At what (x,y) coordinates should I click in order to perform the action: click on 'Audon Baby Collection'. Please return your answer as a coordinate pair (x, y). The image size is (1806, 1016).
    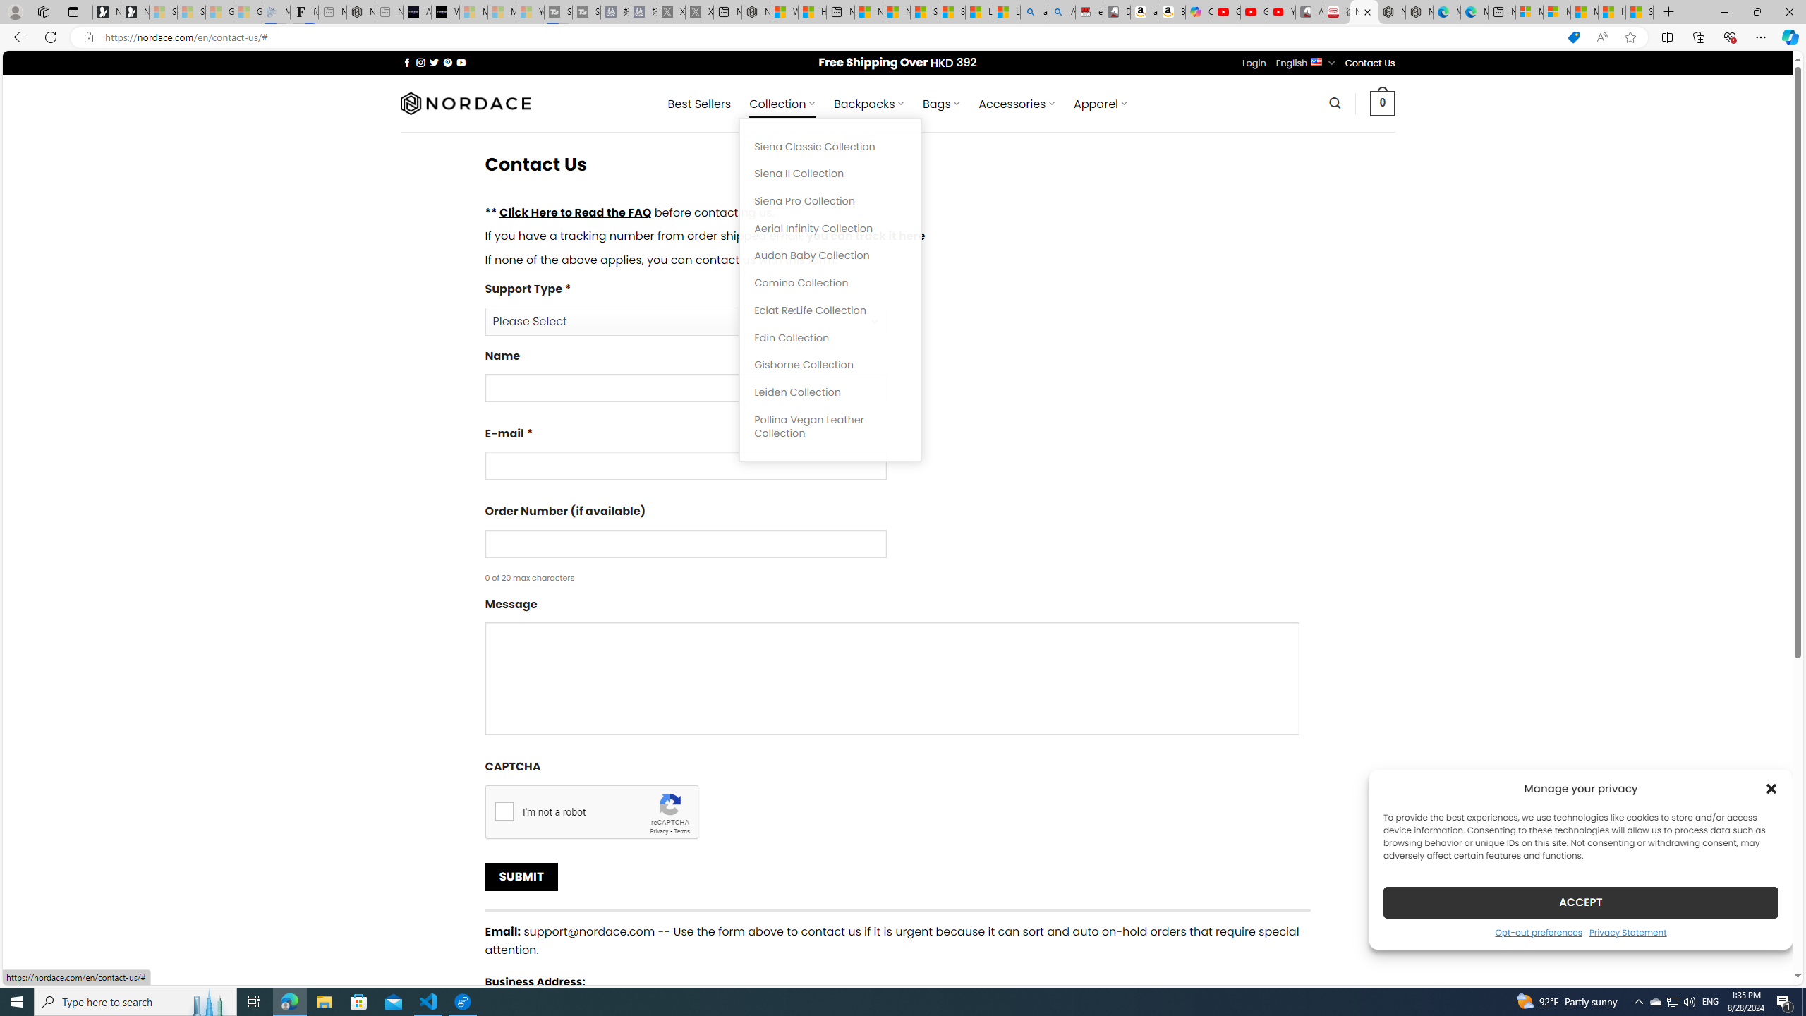
    Looking at the image, I should click on (830, 255).